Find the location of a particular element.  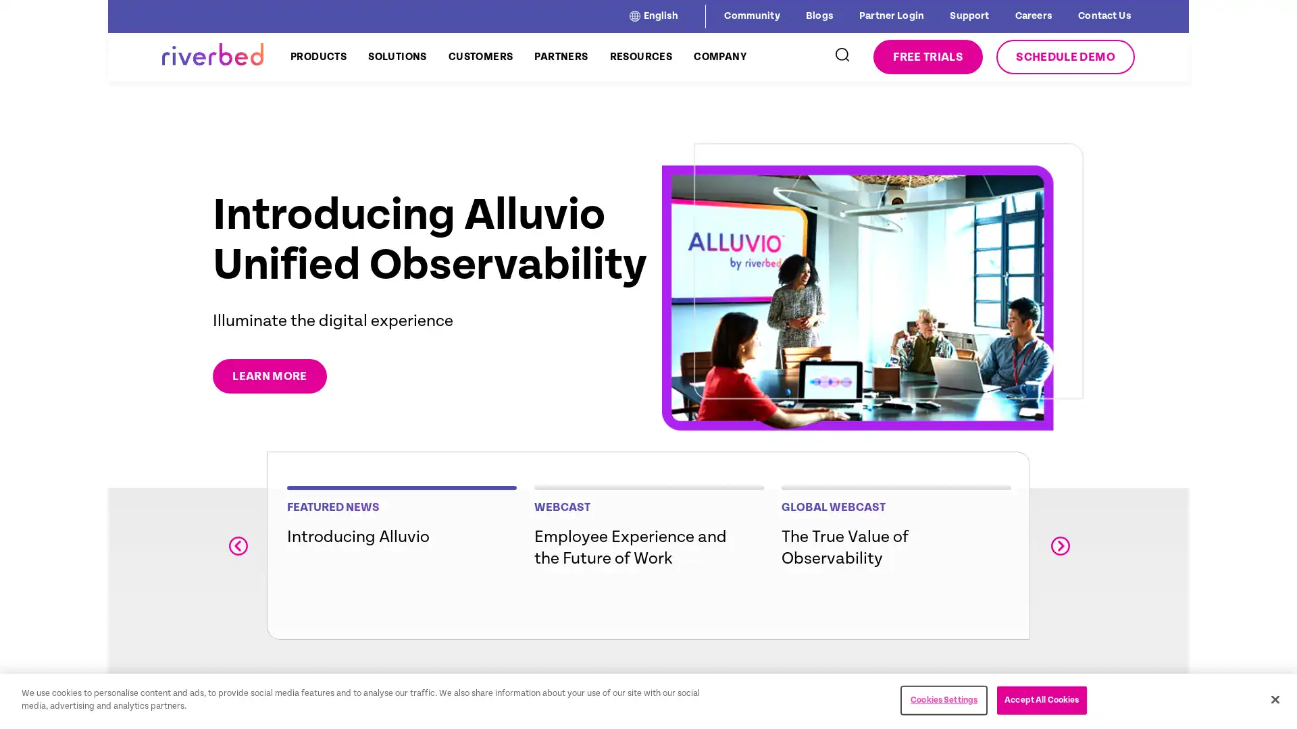

Search is located at coordinates (841, 56).